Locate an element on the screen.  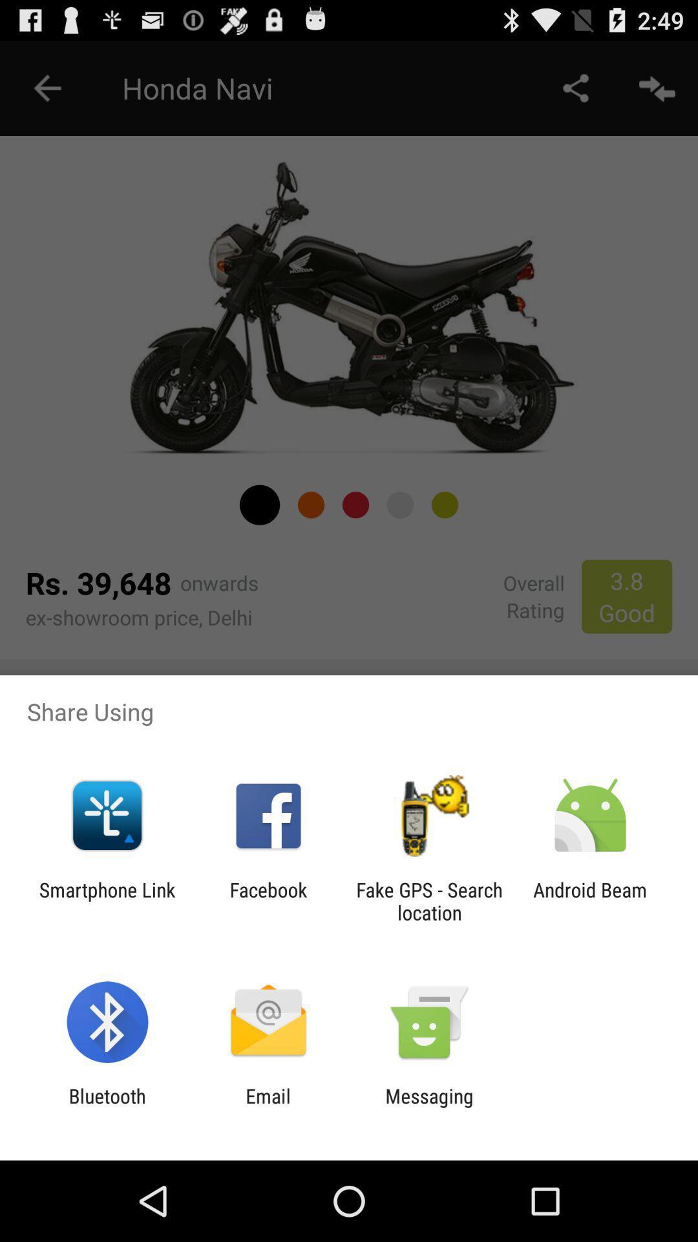
the item to the left of messaging is located at coordinates (268, 1107).